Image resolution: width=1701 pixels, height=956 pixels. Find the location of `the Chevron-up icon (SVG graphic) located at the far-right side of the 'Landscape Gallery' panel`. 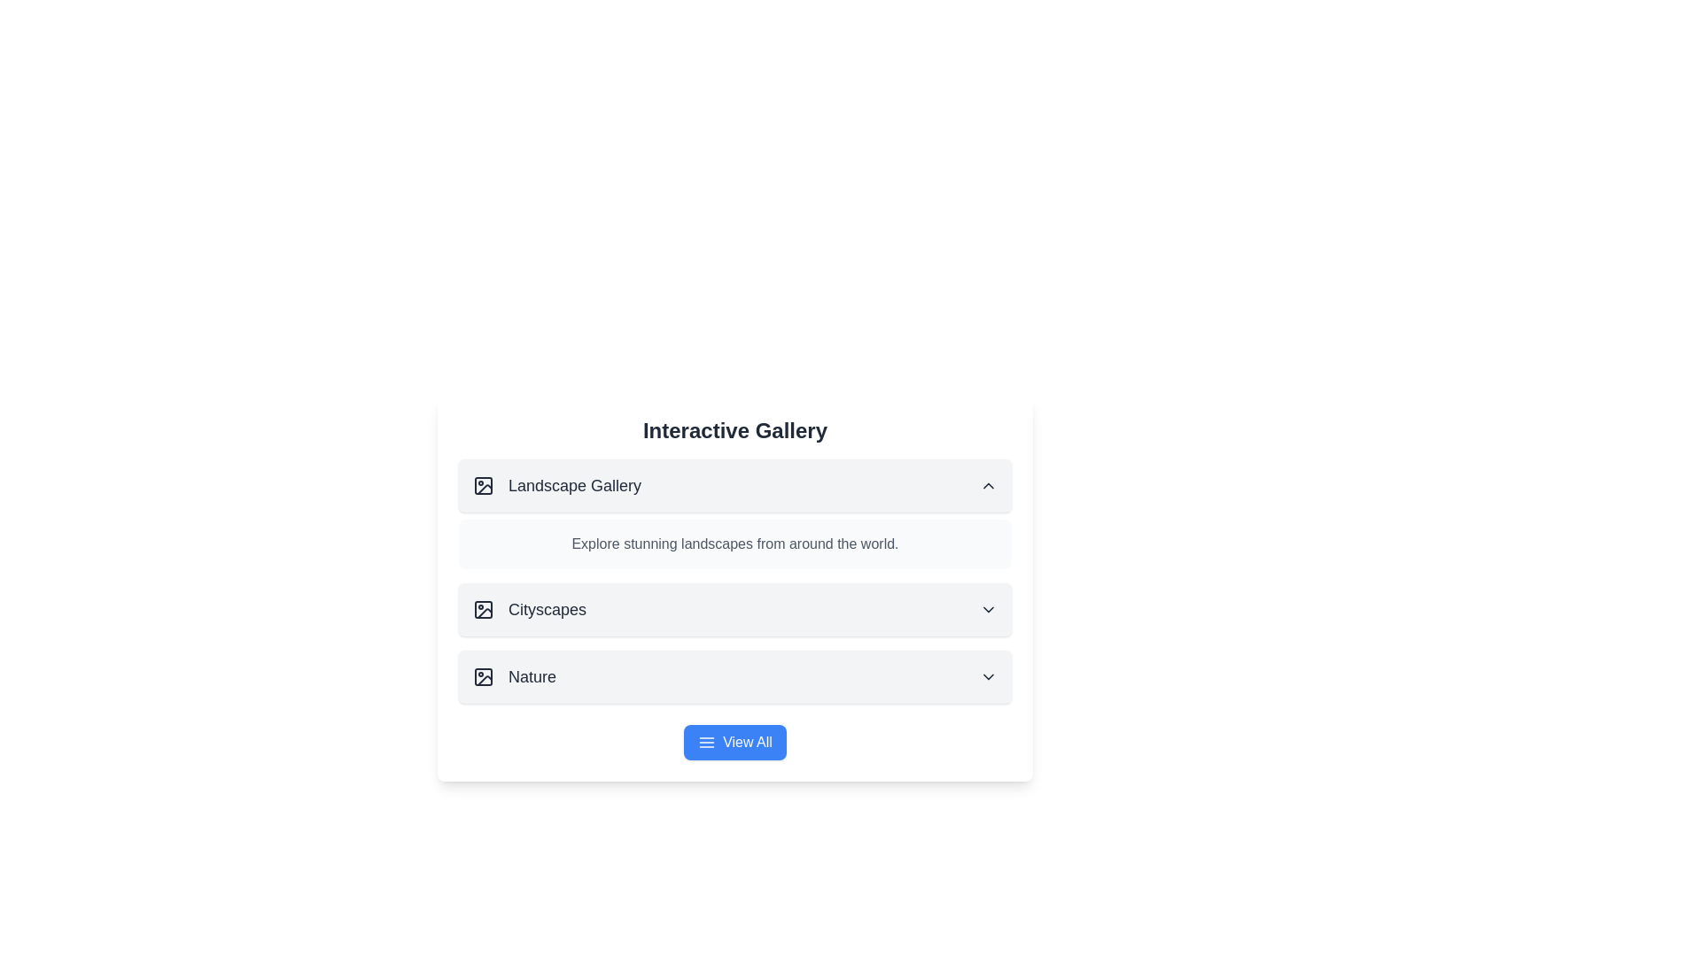

the Chevron-up icon (SVG graphic) located at the far-right side of the 'Landscape Gallery' panel is located at coordinates (988, 485).